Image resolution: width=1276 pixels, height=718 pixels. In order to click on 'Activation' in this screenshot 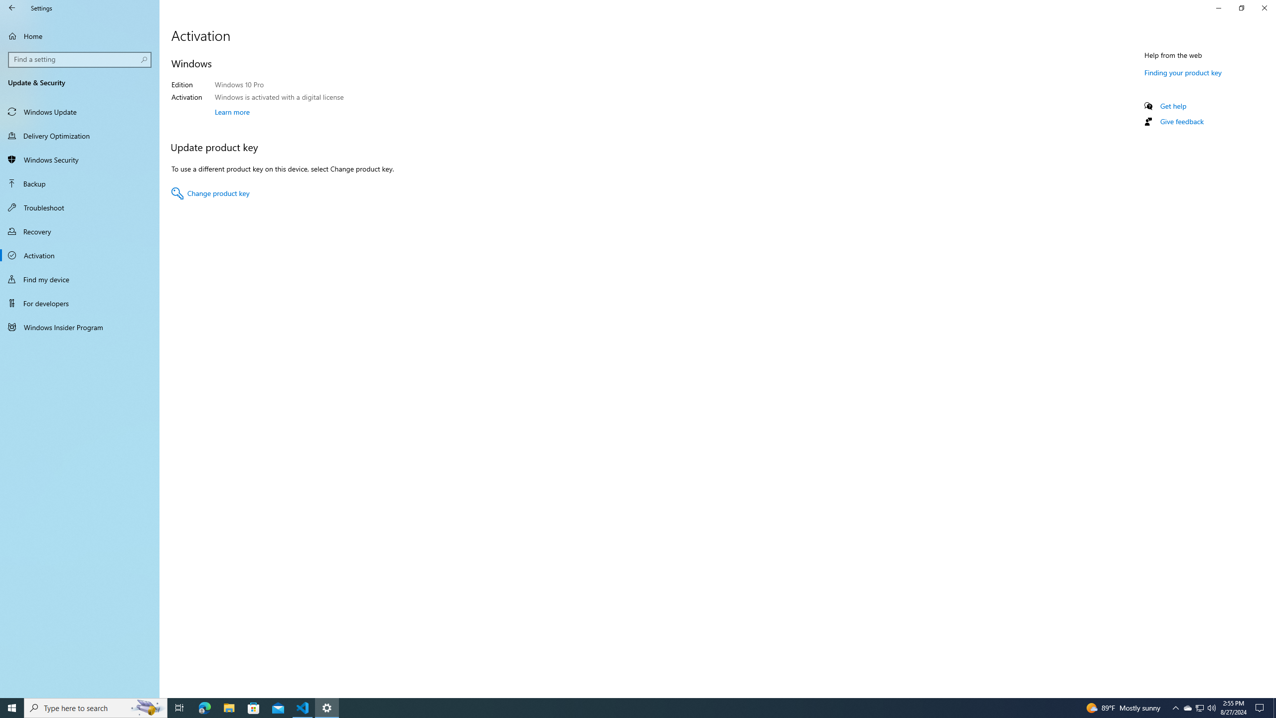, I will do `click(79, 254)`.